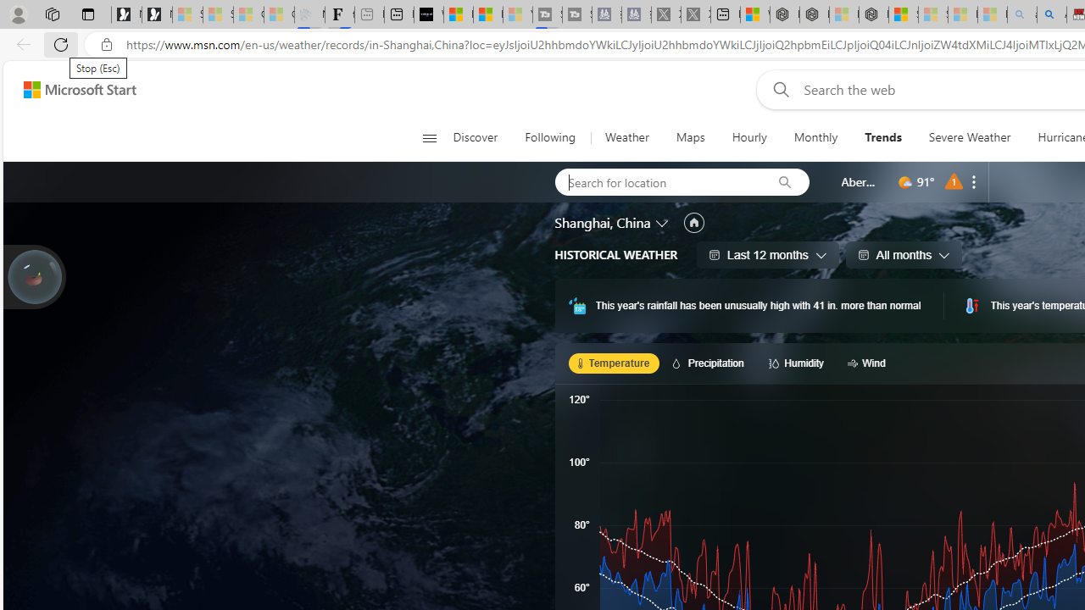  Describe the element at coordinates (662, 221) in the screenshot. I see `'Change location'` at that location.